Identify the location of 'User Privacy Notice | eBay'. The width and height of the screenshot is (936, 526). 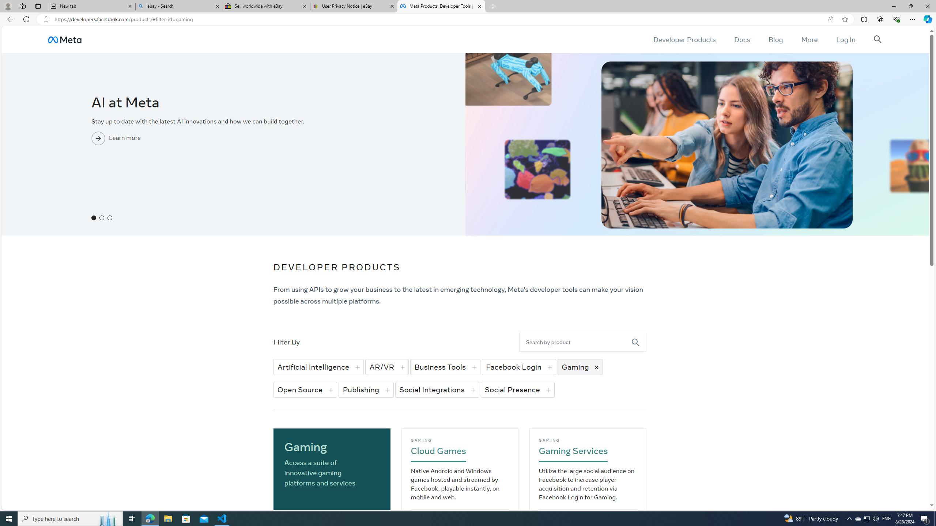
(353, 6).